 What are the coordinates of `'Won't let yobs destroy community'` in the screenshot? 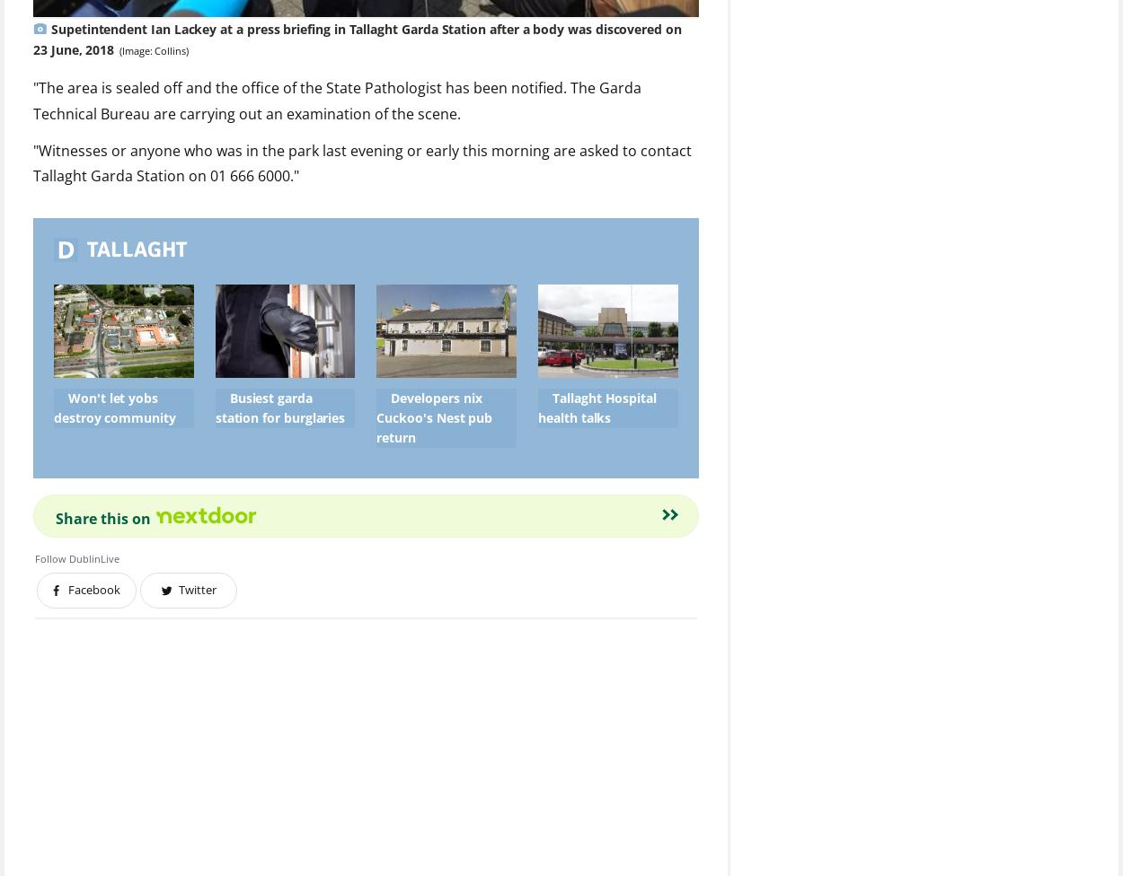 It's located at (114, 406).